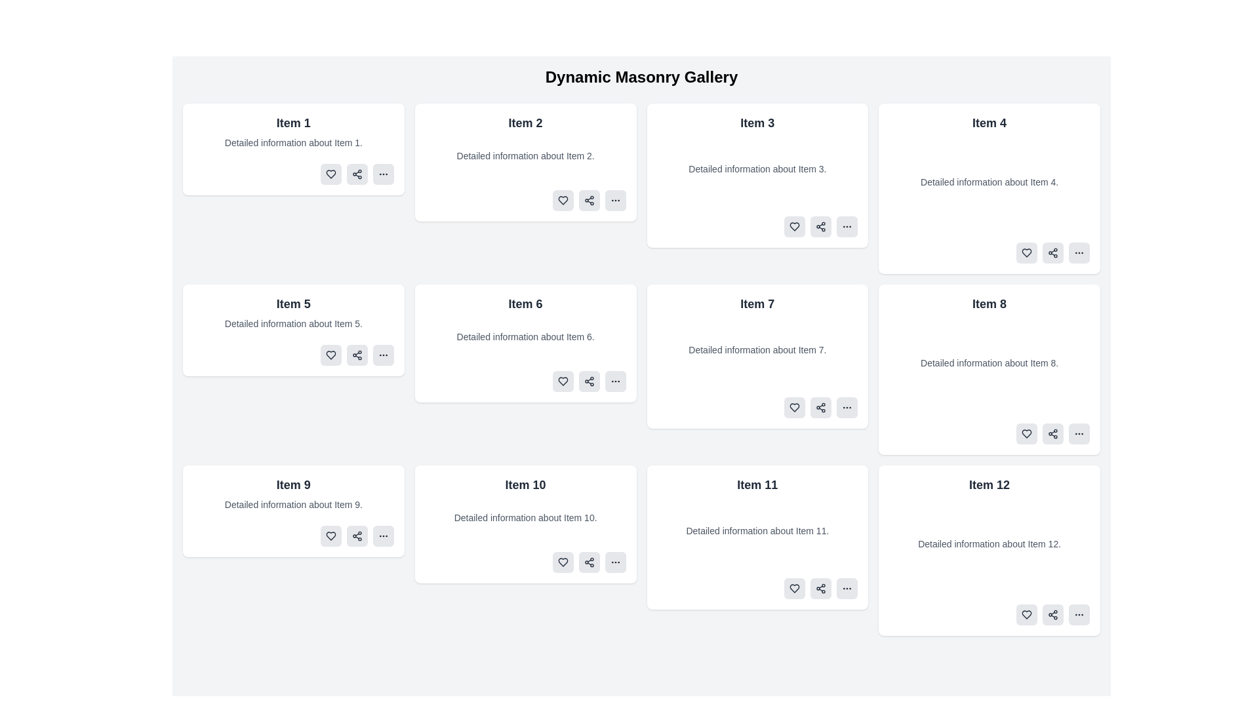 The height and width of the screenshot is (708, 1259). Describe the element at coordinates (1053, 434) in the screenshot. I see `the share button, which is the second button in the action group at the bottom-right corner of the card for 'Item 8', styled with a light gray background and a share icon` at that location.